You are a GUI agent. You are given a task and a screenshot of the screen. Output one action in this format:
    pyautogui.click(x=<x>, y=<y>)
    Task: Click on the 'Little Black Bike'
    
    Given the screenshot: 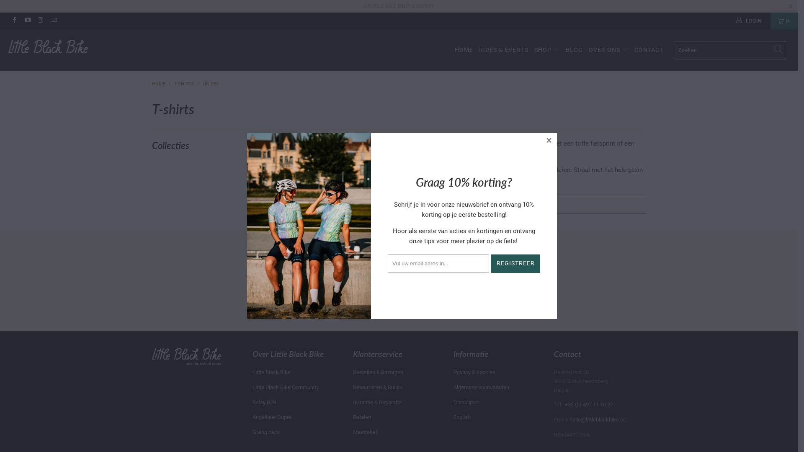 What is the action you would take?
    pyautogui.click(x=68, y=47)
    